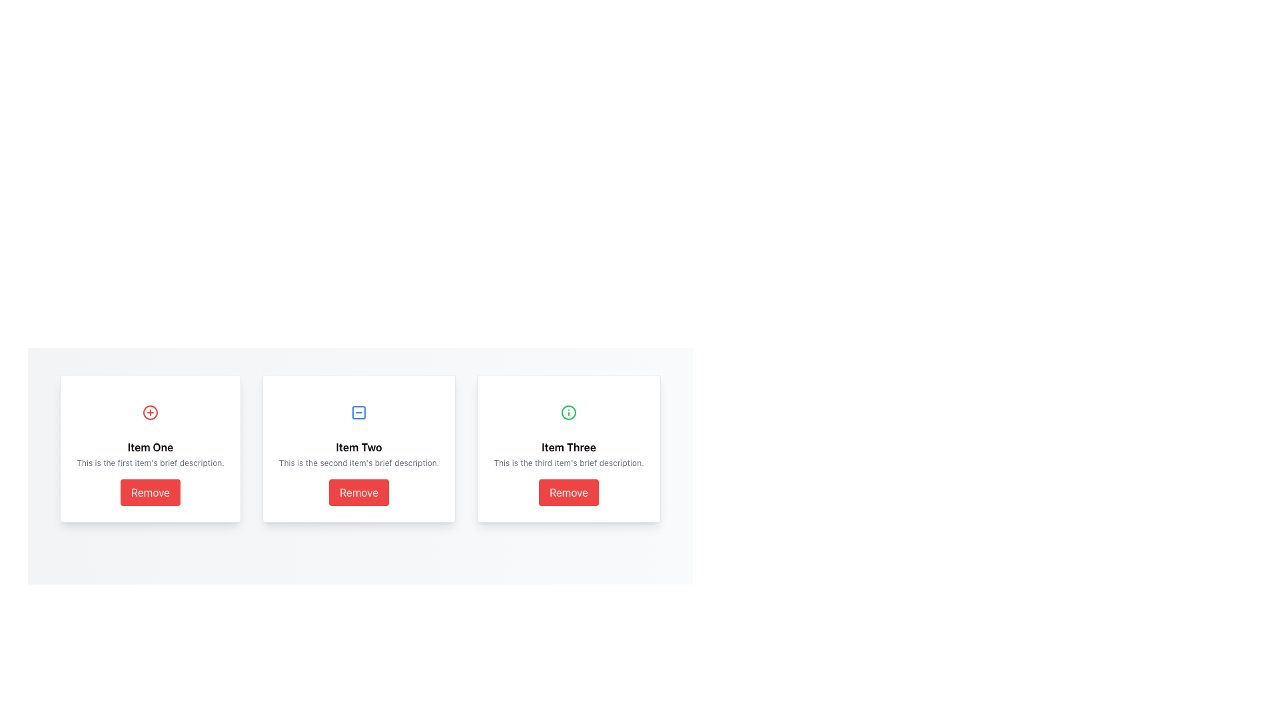 The height and width of the screenshot is (719, 1279). I want to click on the button, so click(359, 493).